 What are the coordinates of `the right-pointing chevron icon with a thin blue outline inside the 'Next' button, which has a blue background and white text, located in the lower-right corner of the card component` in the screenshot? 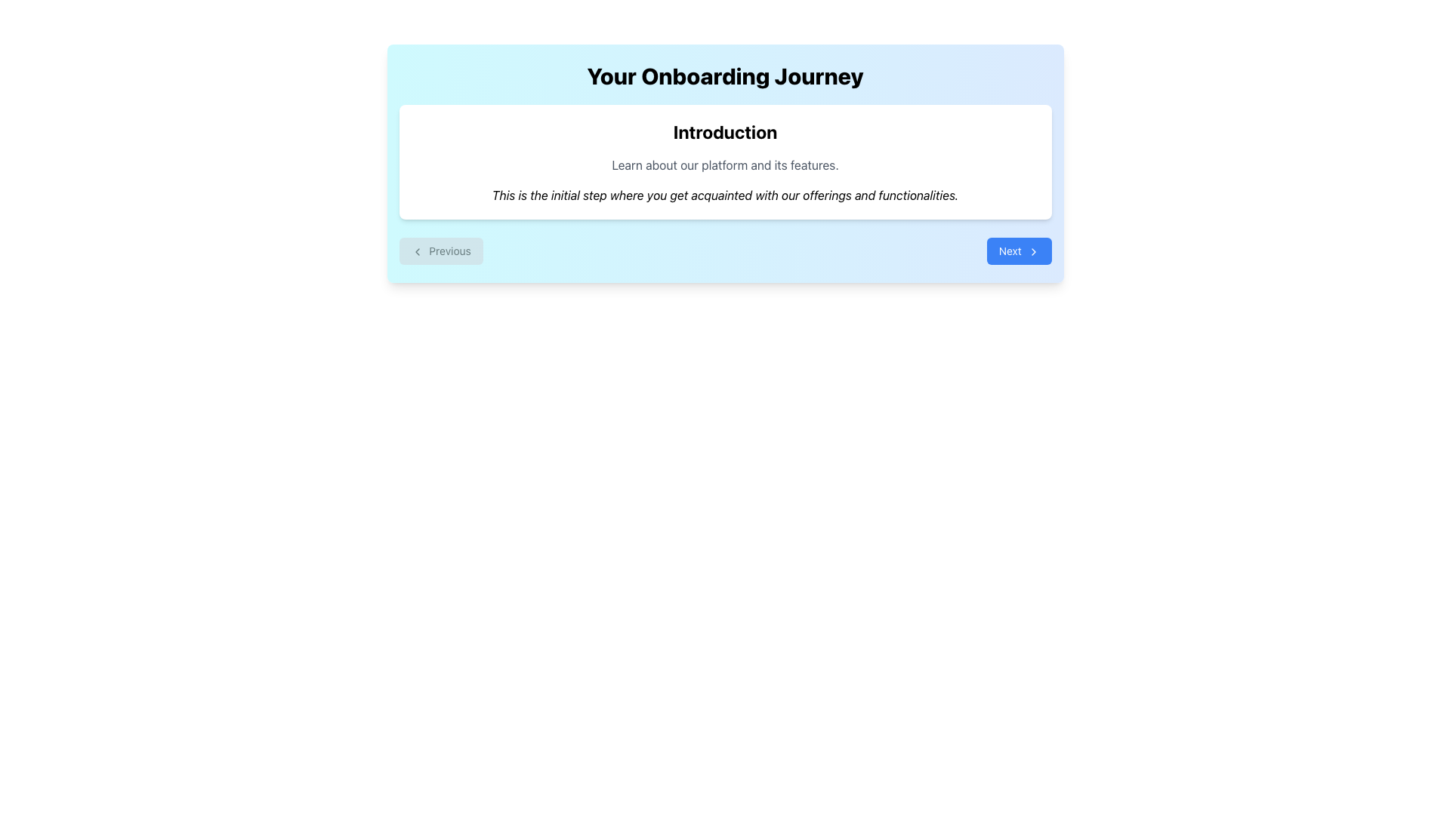 It's located at (1032, 251).